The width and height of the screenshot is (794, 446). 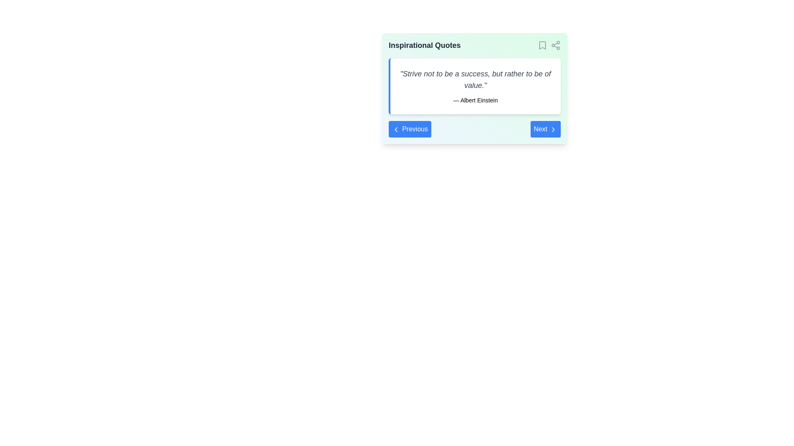 I want to click on the bookmark icon located in the top-right section of the 'Inspirational Quotes' card, so click(x=542, y=45).